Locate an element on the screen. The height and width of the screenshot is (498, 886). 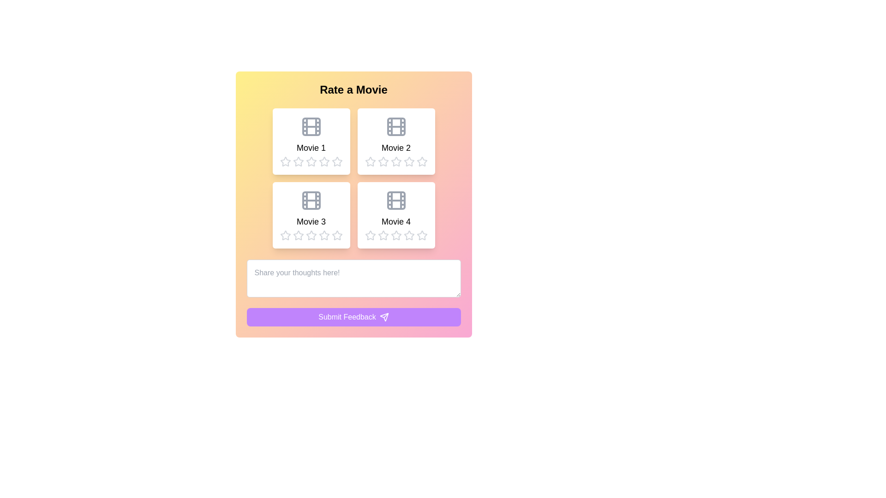
the label that serves as the title or identifier for the movie card located in the lower-right card of the grid, specifically in the second row, second column is located at coordinates (396, 222).